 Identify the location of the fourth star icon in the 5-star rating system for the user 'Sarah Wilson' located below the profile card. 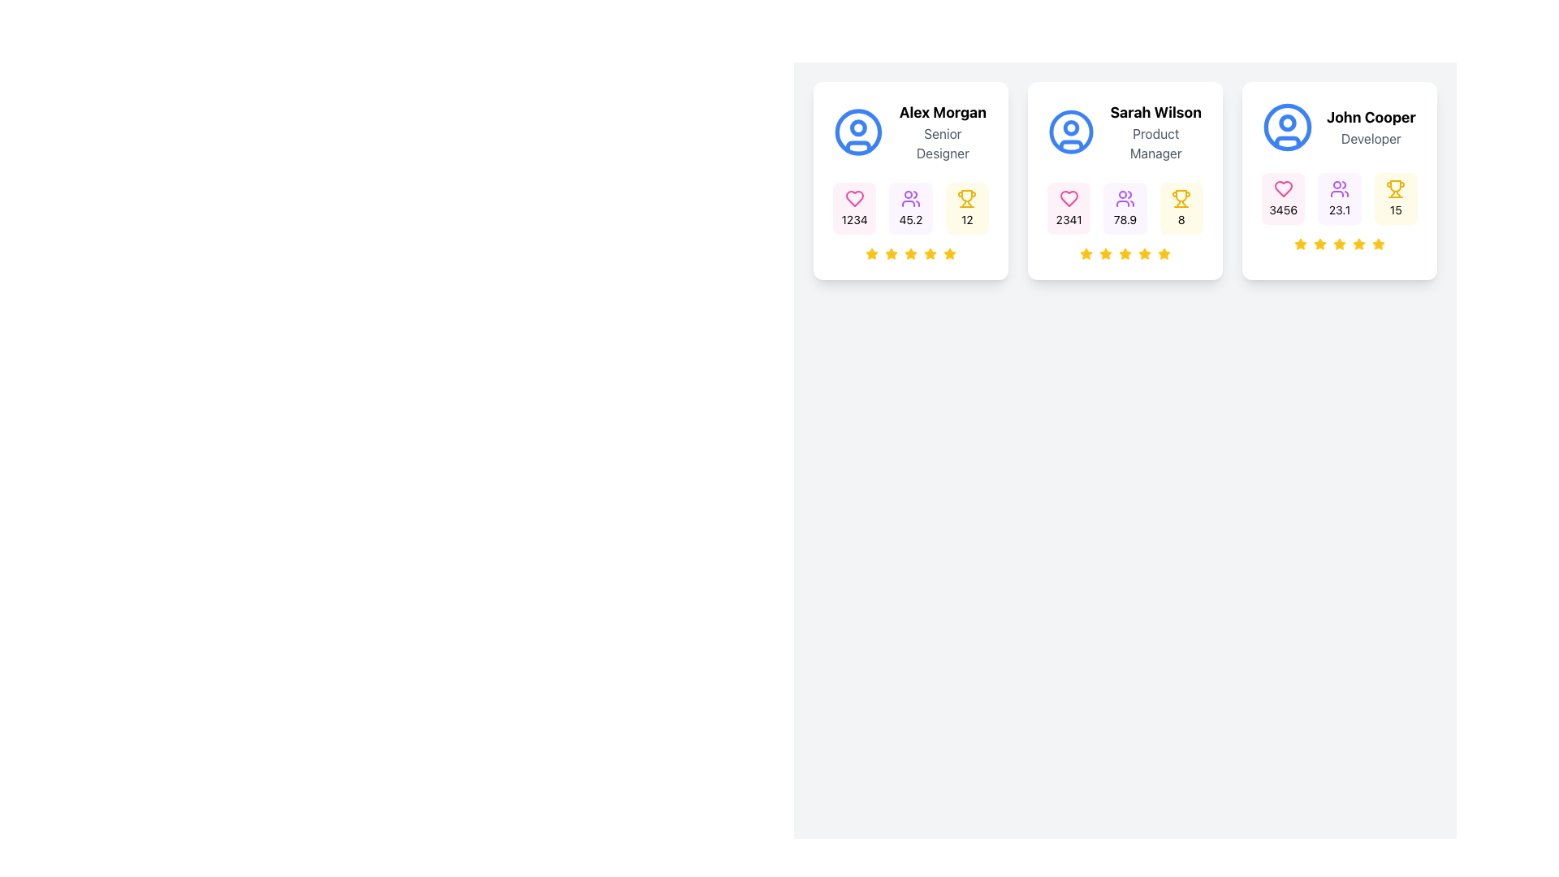
(1125, 253).